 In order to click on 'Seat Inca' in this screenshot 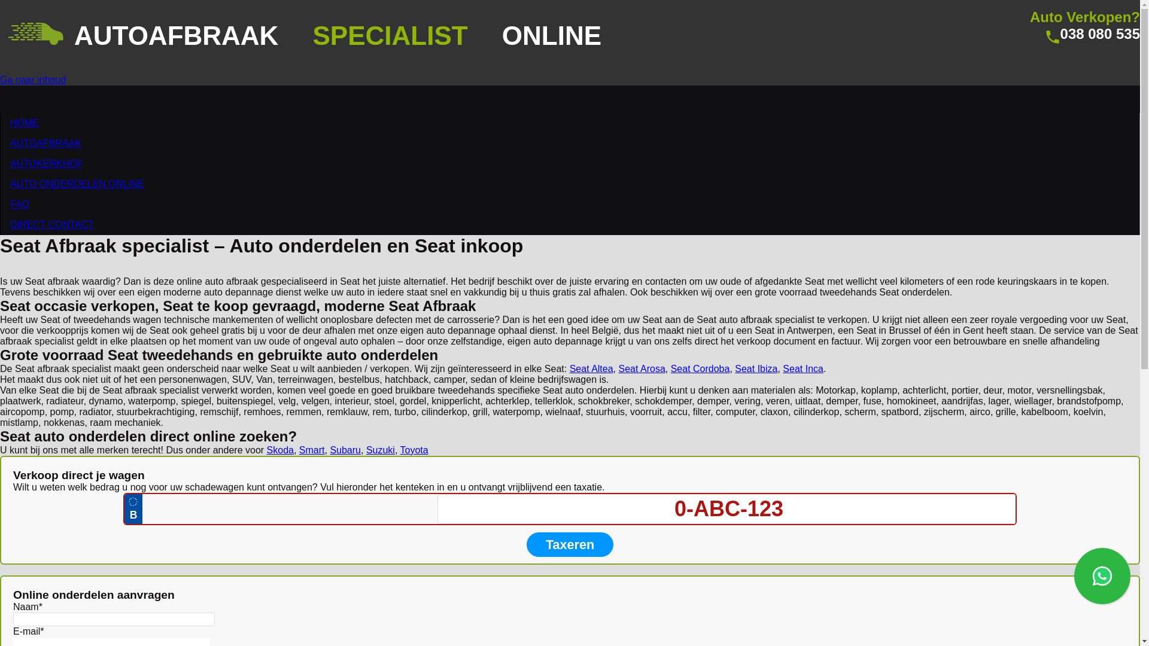, I will do `click(803, 368)`.